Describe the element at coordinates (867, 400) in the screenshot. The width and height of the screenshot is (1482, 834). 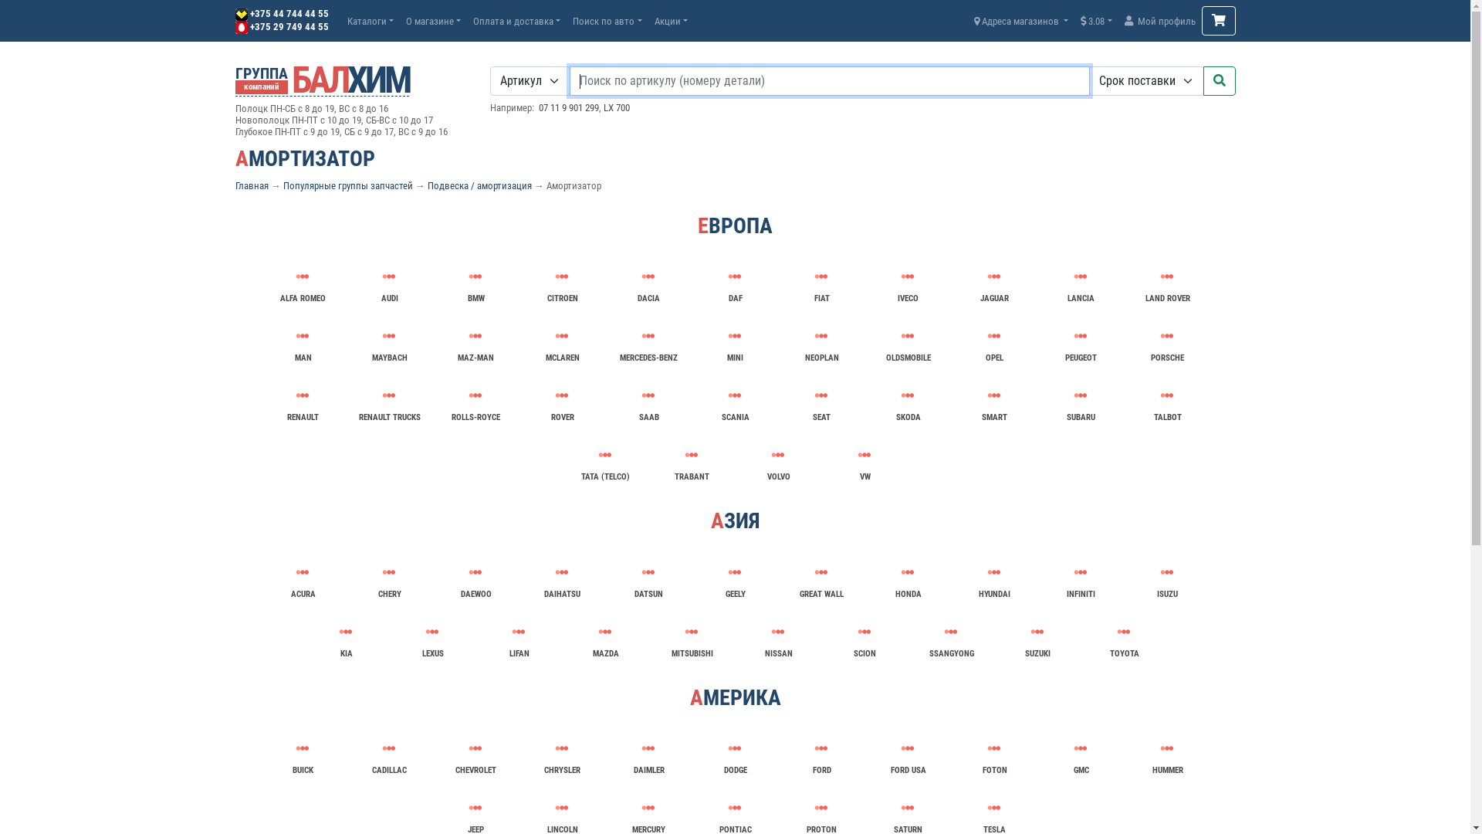
I see `'SKODA'` at that location.